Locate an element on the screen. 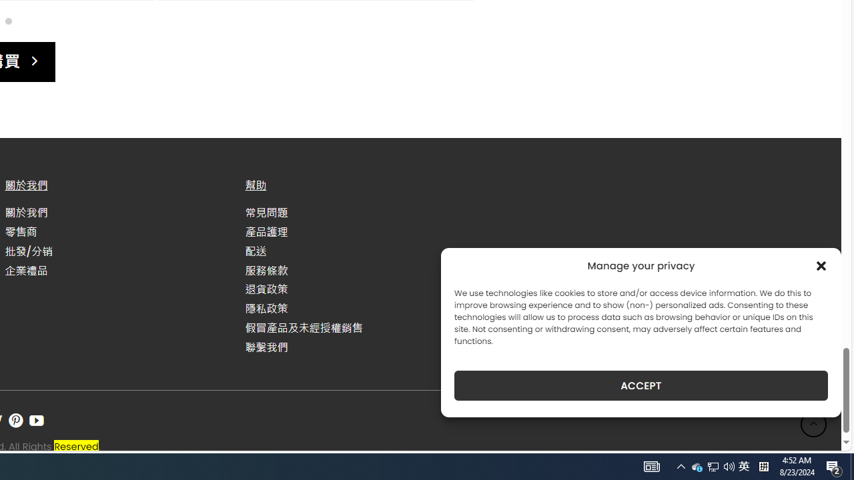  'Page dot 3' is located at coordinates (8, 21).